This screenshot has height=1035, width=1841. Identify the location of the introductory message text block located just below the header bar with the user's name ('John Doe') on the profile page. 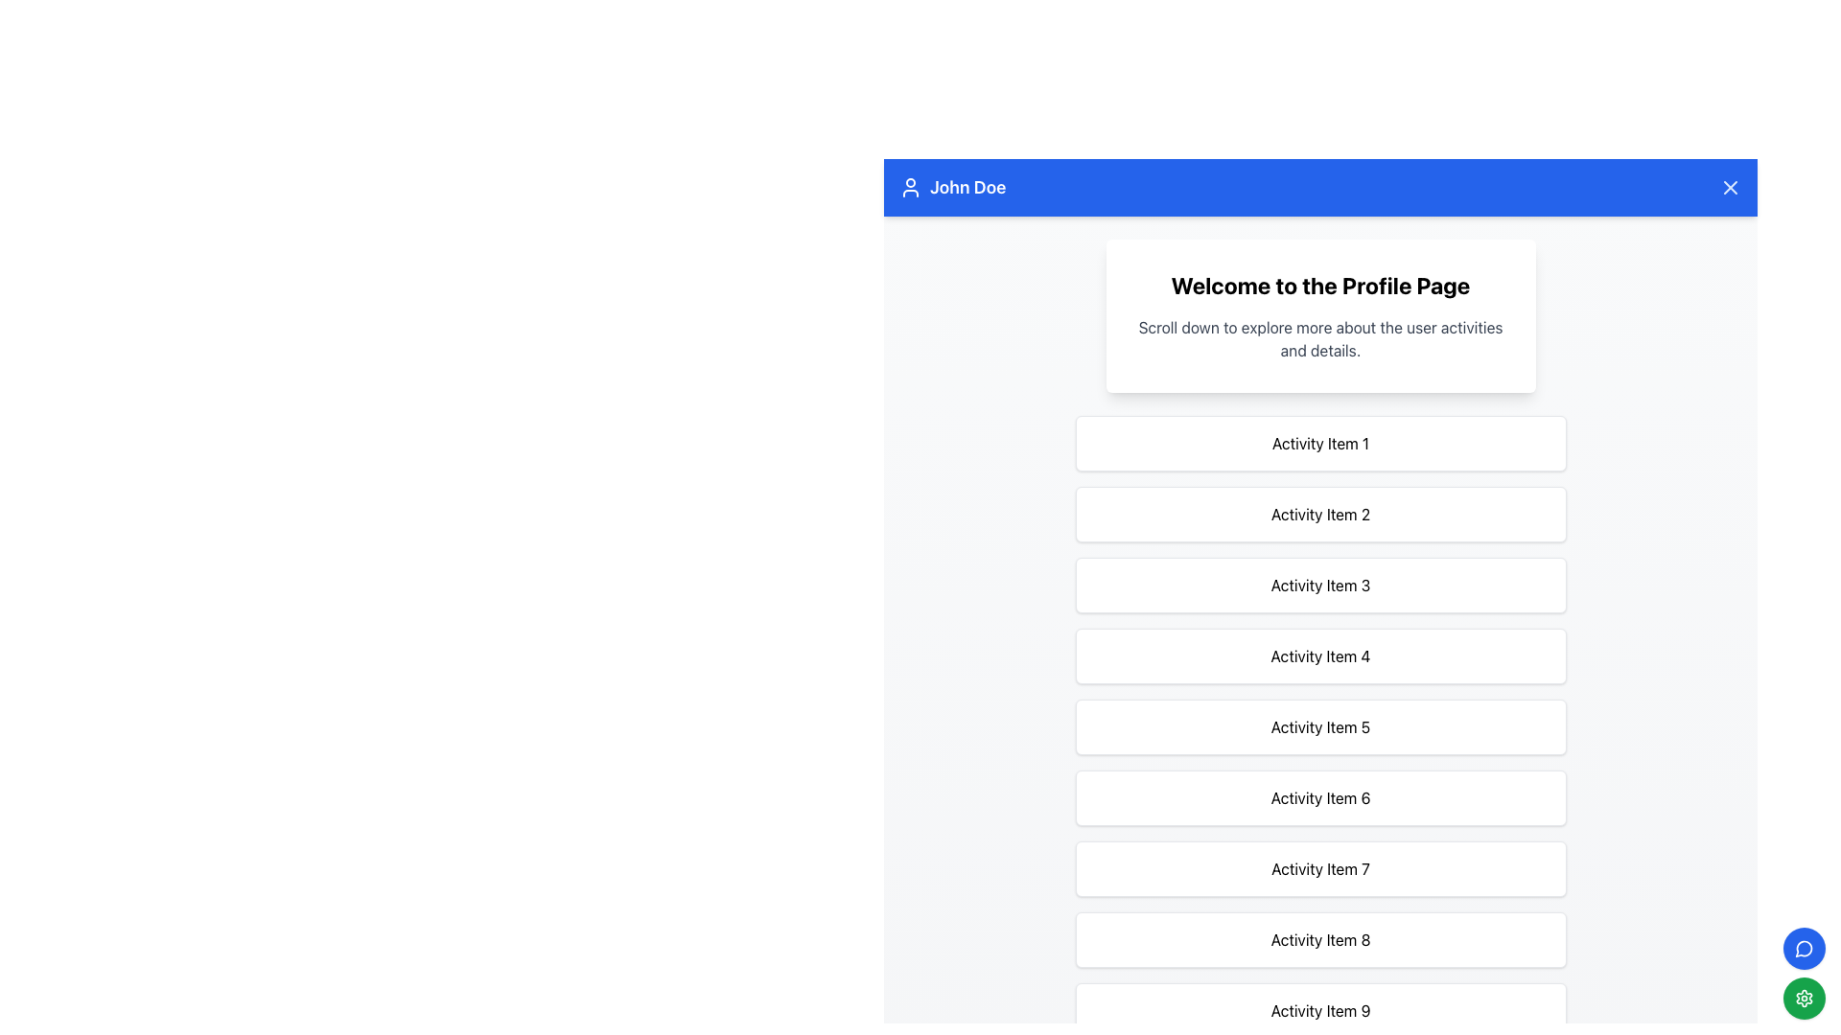
(1319, 315).